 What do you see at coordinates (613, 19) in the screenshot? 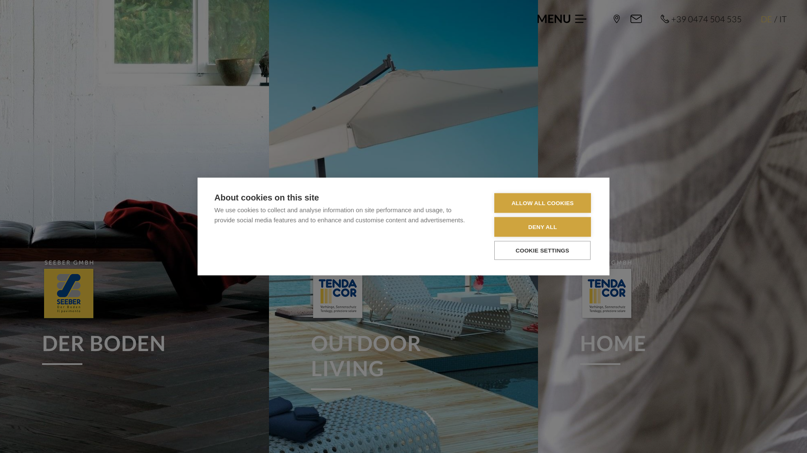
I see `'Seeber'` at bounding box center [613, 19].